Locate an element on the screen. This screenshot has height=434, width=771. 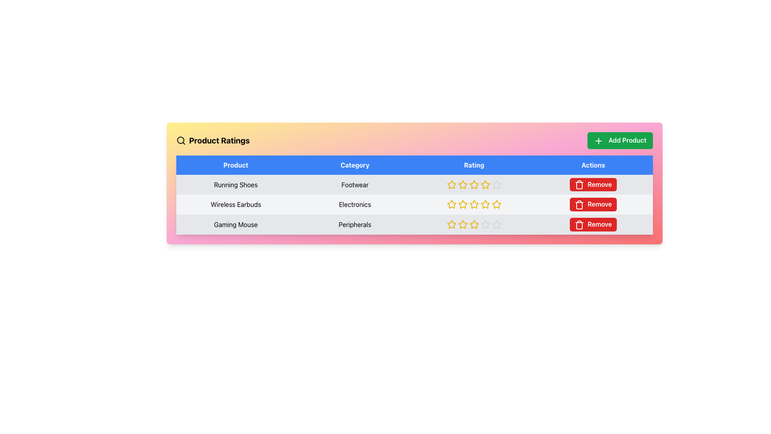
the icon located at the top-right corner of the 'Add Product' button, which visually indicates the action of adding a new product is located at coordinates (599, 140).